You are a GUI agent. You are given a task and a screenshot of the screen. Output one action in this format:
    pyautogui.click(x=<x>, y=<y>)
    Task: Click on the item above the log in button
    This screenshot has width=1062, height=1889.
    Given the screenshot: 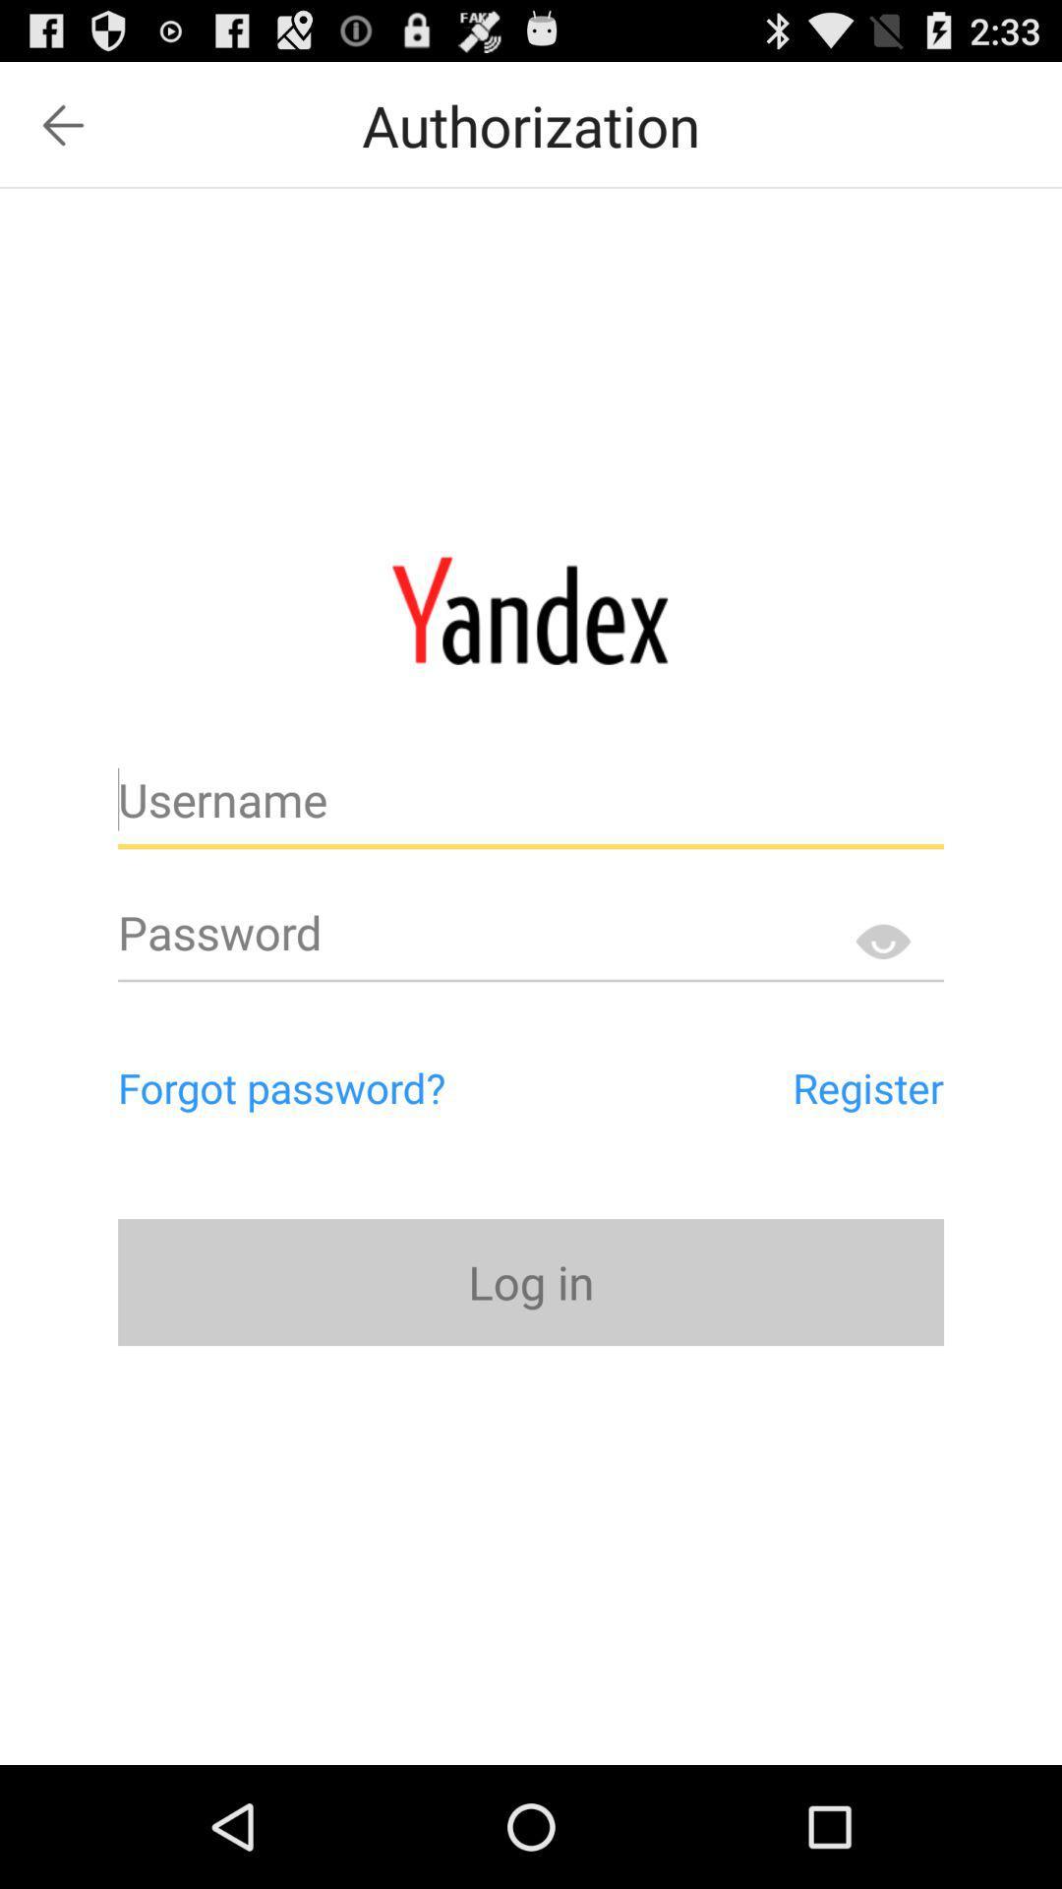 What is the action you would take?
    pyautogui.click(x=365, y=1086)
    